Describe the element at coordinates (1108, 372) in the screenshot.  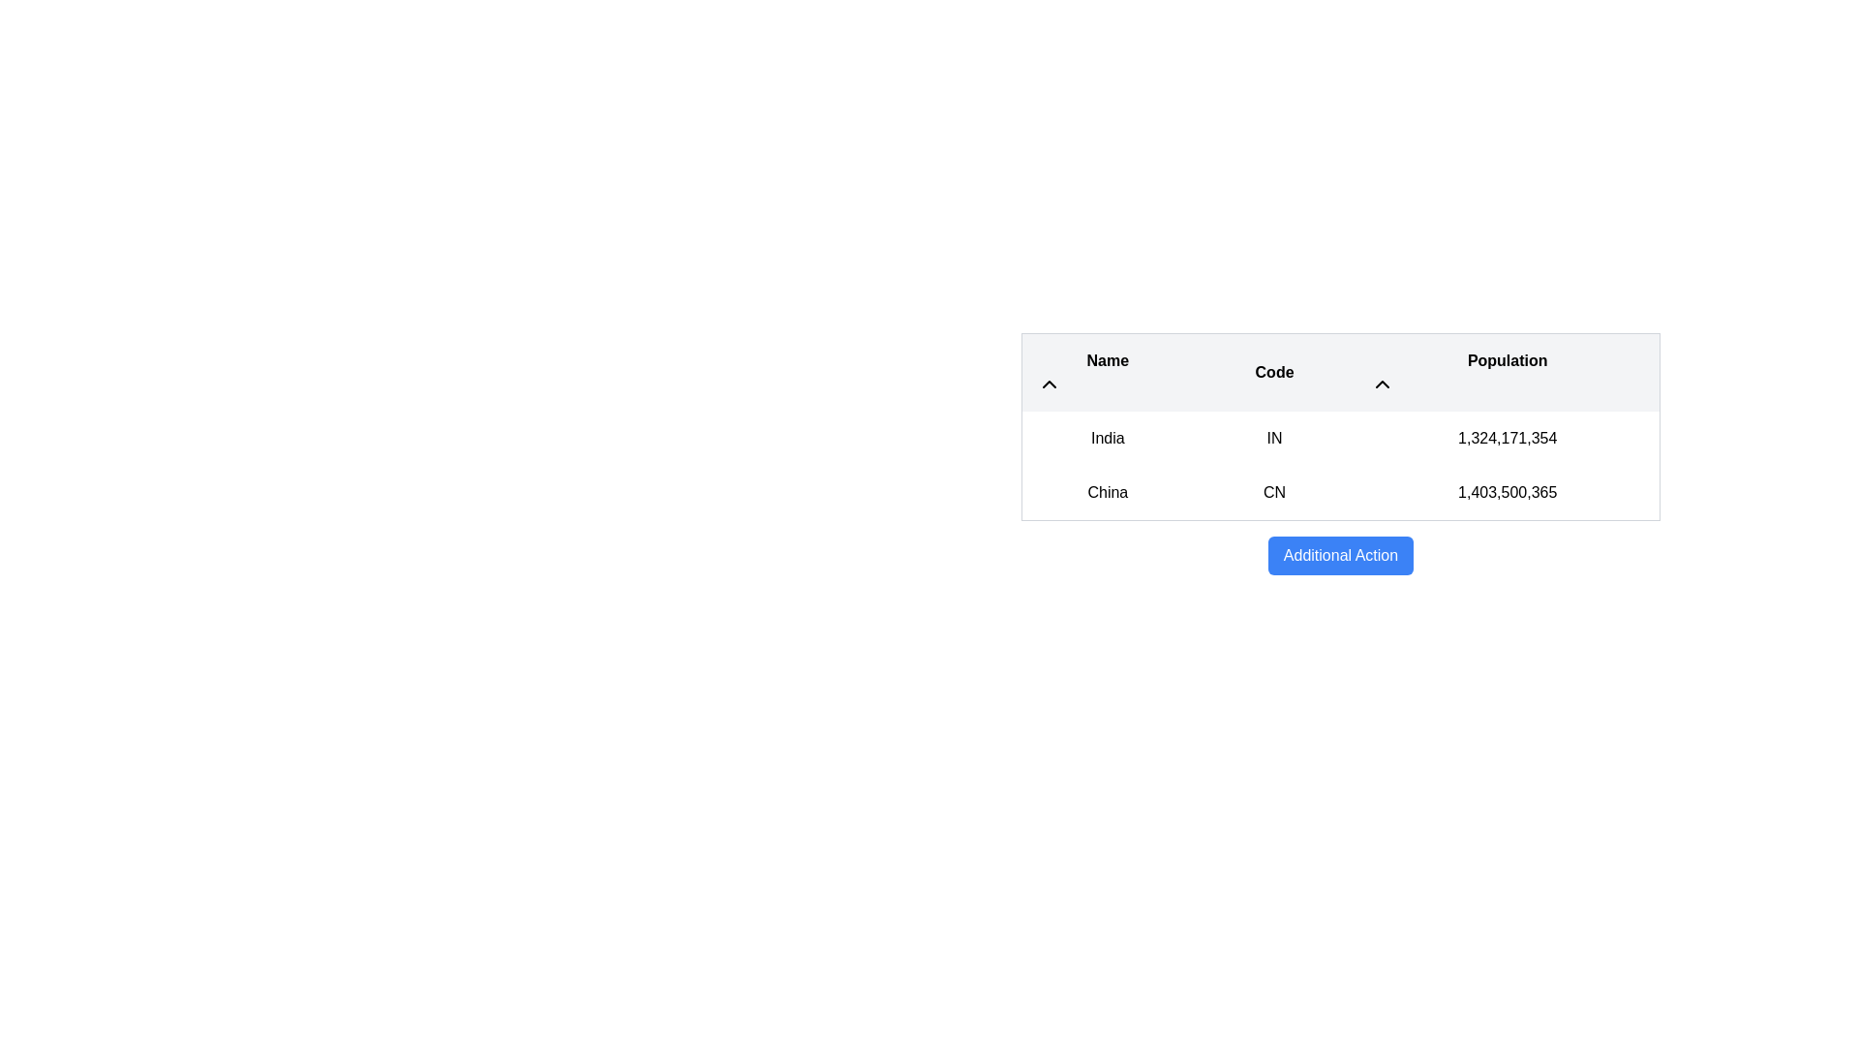
I see `the 'Name' column header in the table to sort the column` at that location.